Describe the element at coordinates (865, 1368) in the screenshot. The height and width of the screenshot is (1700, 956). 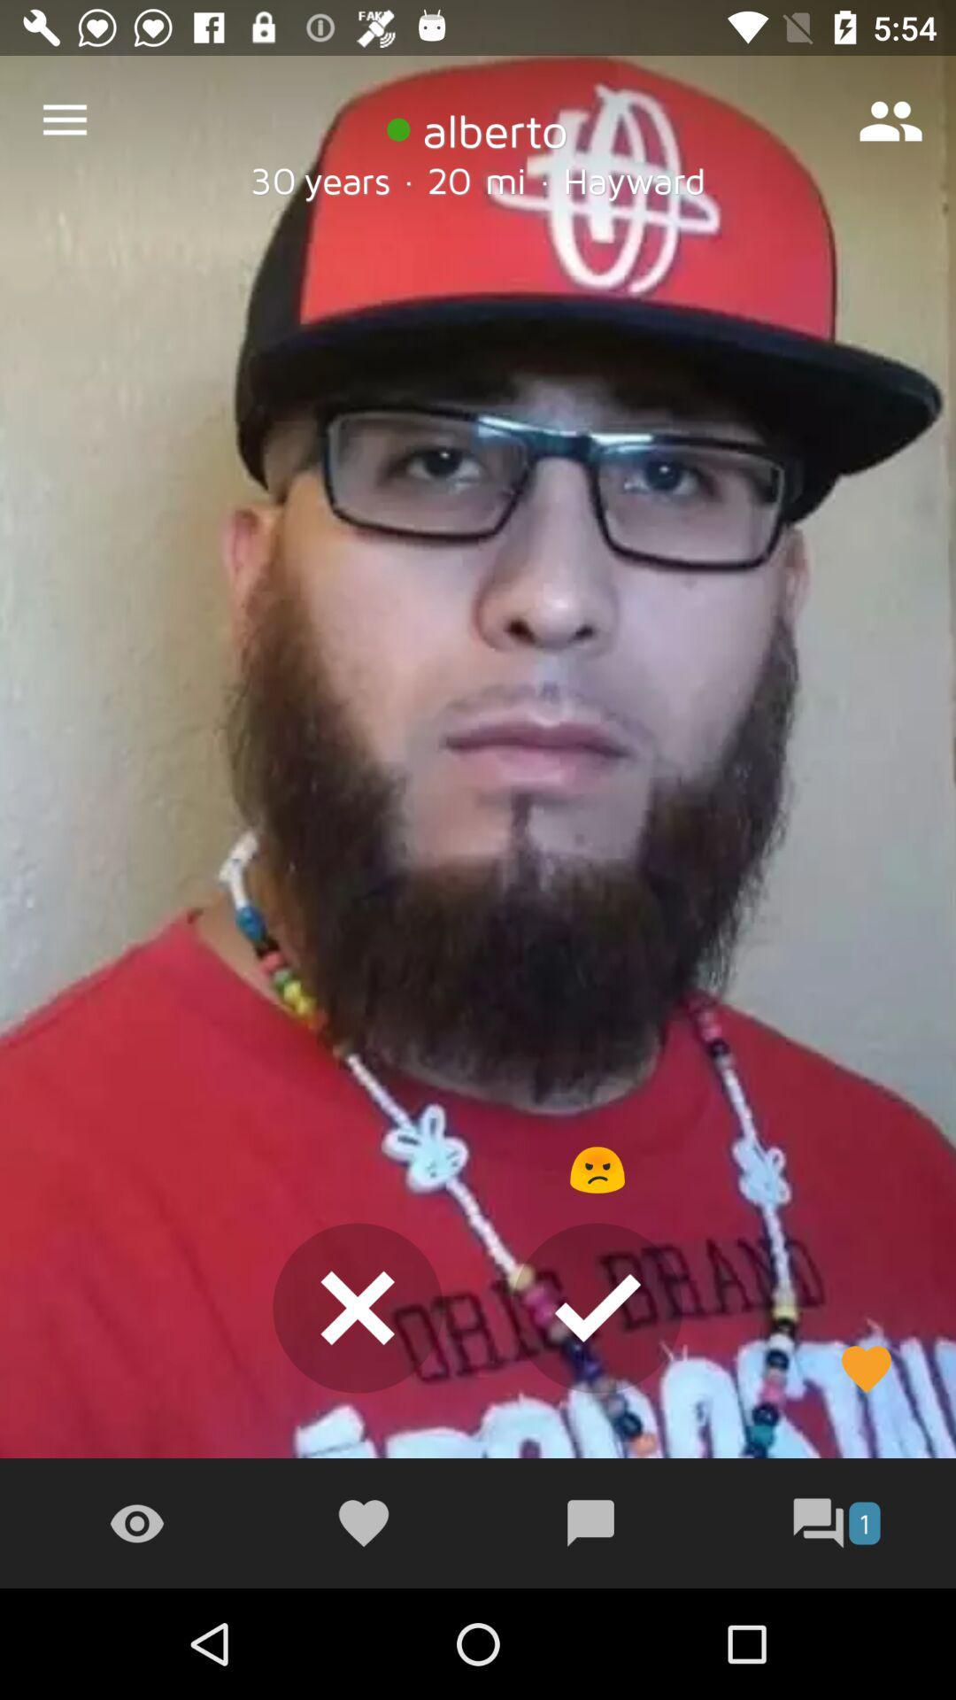
I see `the favorite icon` at that location.